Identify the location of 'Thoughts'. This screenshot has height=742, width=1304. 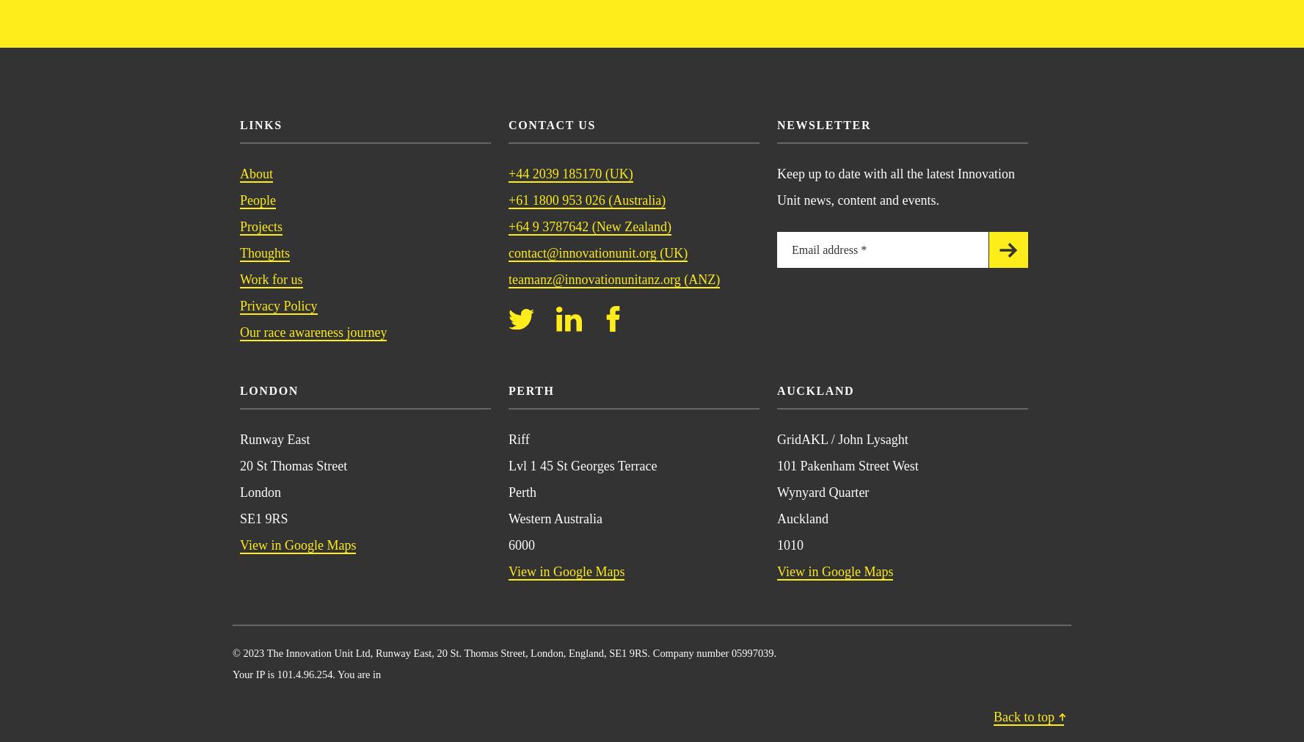
(265, 252).